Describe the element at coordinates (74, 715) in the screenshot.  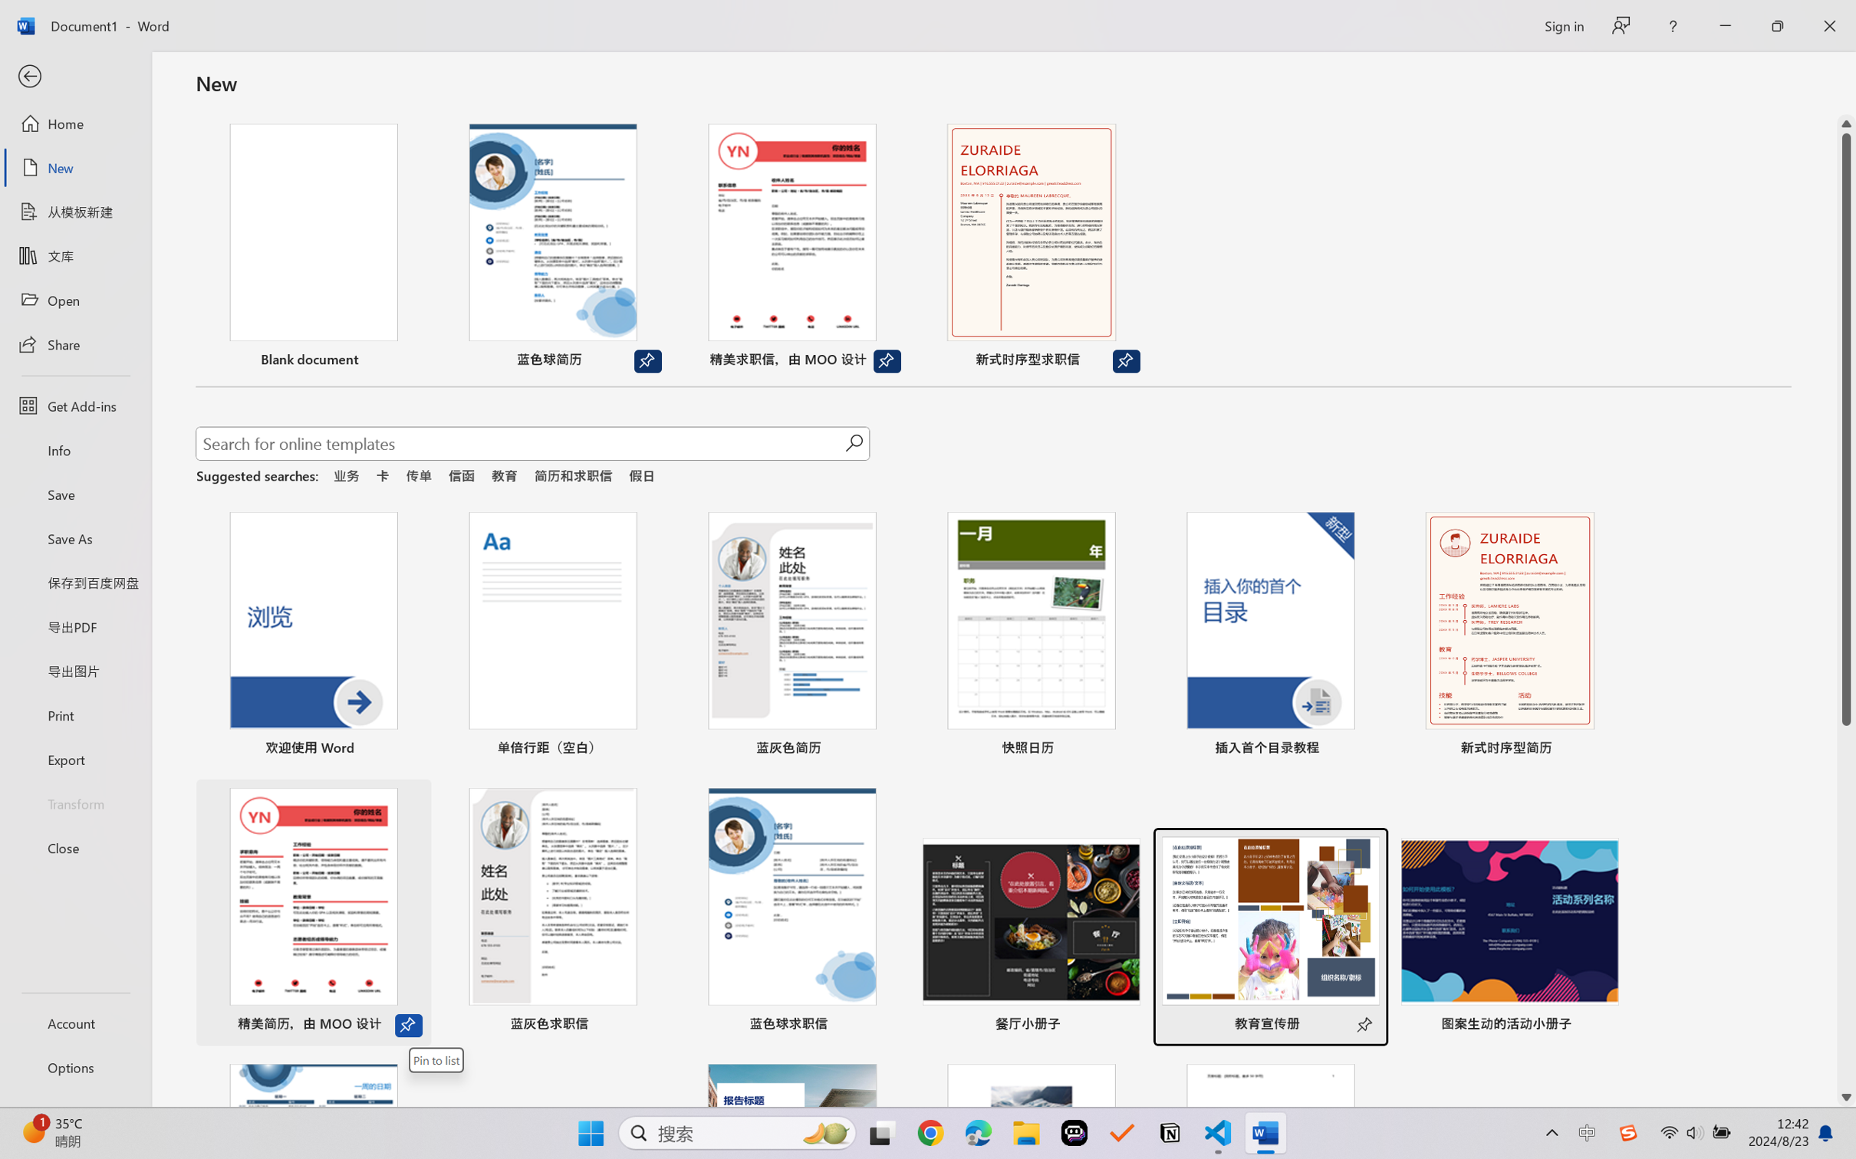
I see `'Print'` at that location.